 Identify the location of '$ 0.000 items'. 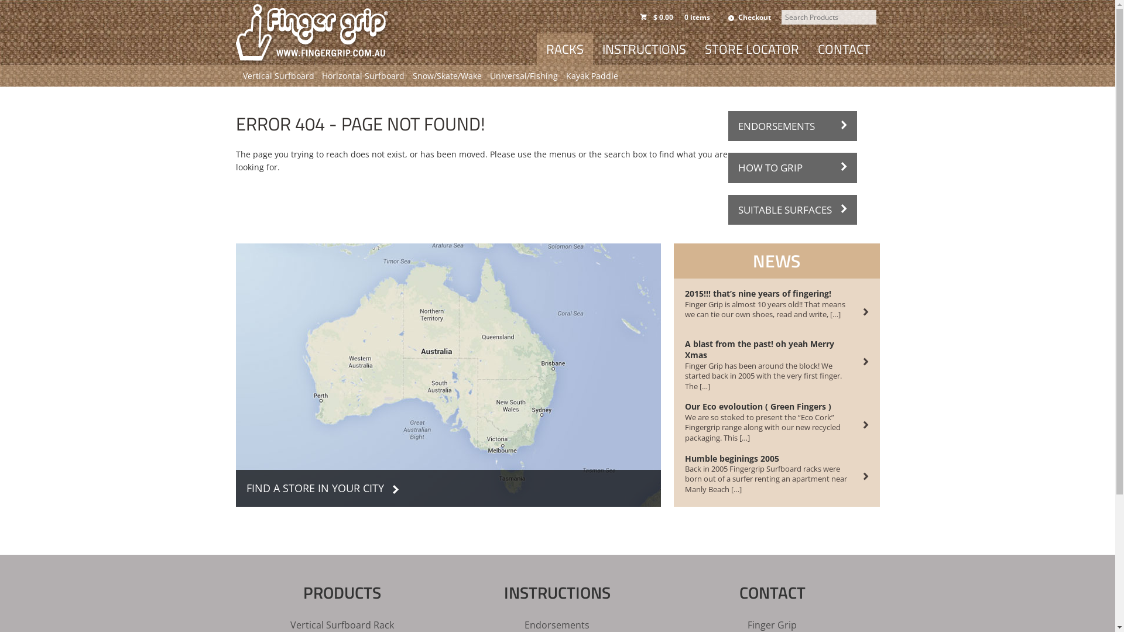
(677, 18).